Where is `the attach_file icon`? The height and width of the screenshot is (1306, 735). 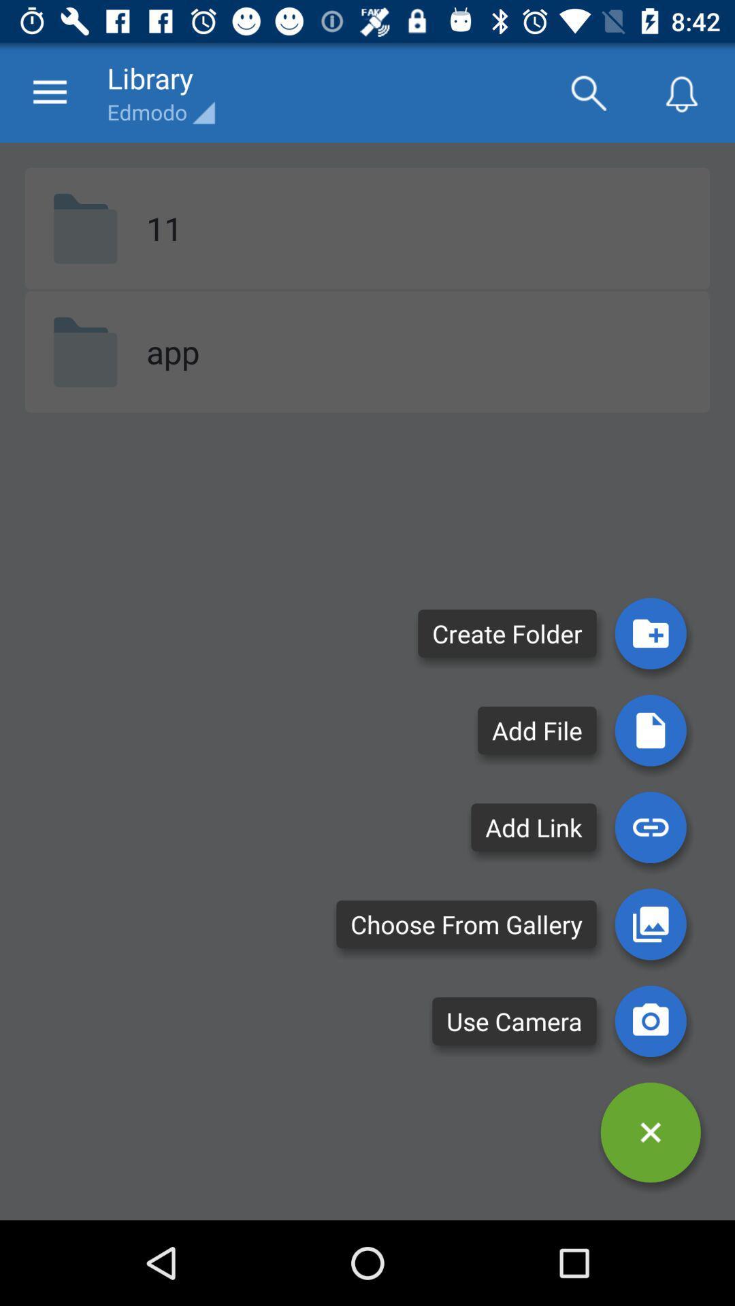 the attach_file icon is located at coordinates (650, 826).